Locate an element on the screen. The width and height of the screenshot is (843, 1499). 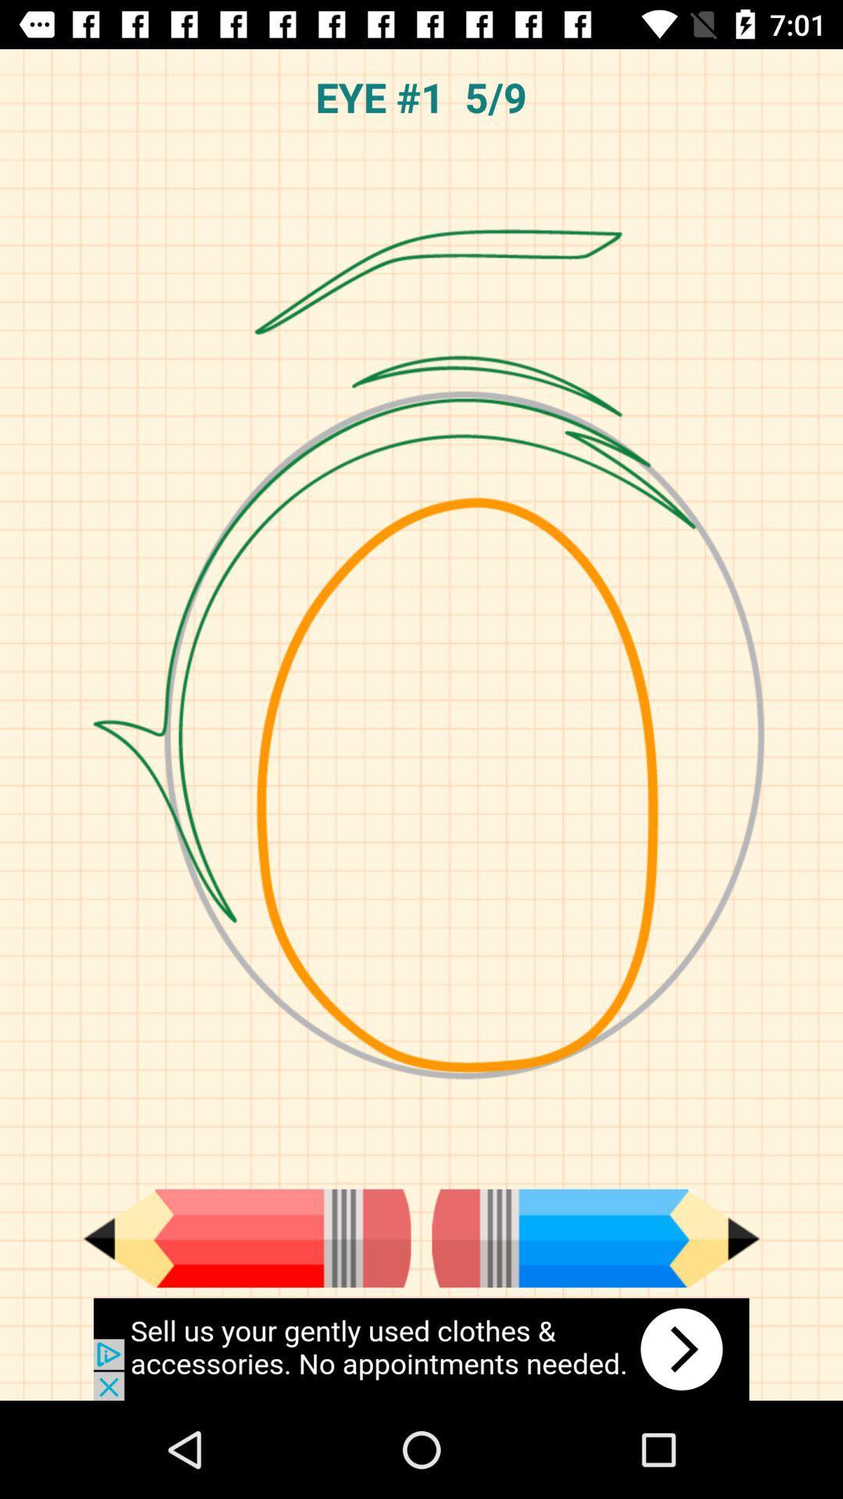
next is located at coordinates (596, 1237).